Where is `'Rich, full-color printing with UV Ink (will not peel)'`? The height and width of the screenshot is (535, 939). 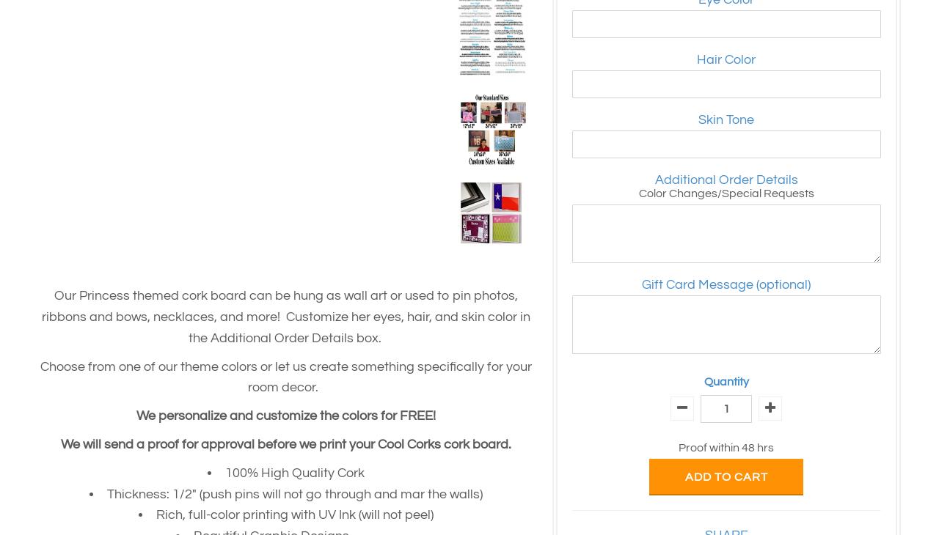
'Rich, full-color printing with UV Ink (will not peel)' is located at coordinates (294, 514).